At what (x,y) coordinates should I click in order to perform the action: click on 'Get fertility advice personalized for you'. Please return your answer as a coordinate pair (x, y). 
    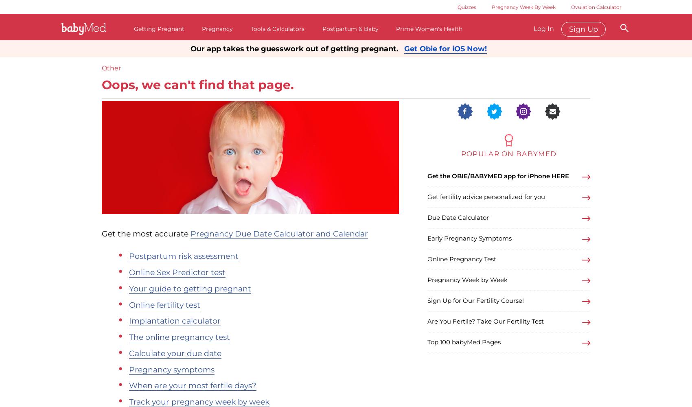
    Looking at the image, I should click on (486, 196).